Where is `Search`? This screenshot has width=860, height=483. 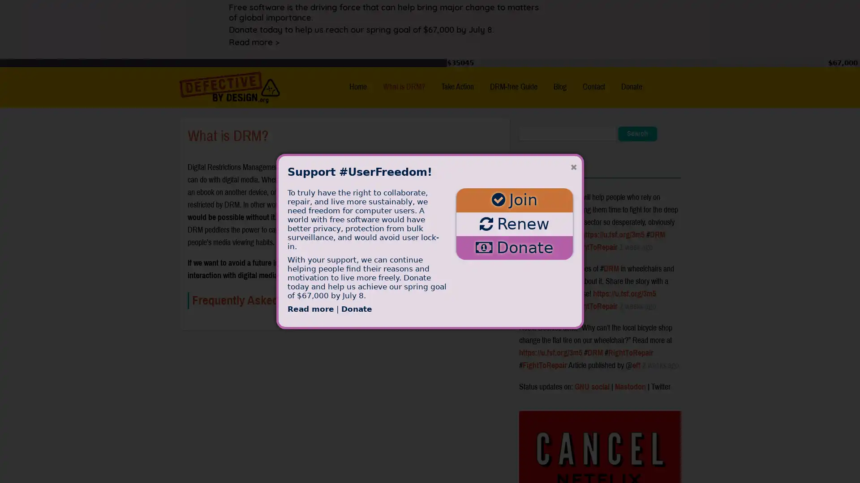
Search is located at coordinates (636, 134).